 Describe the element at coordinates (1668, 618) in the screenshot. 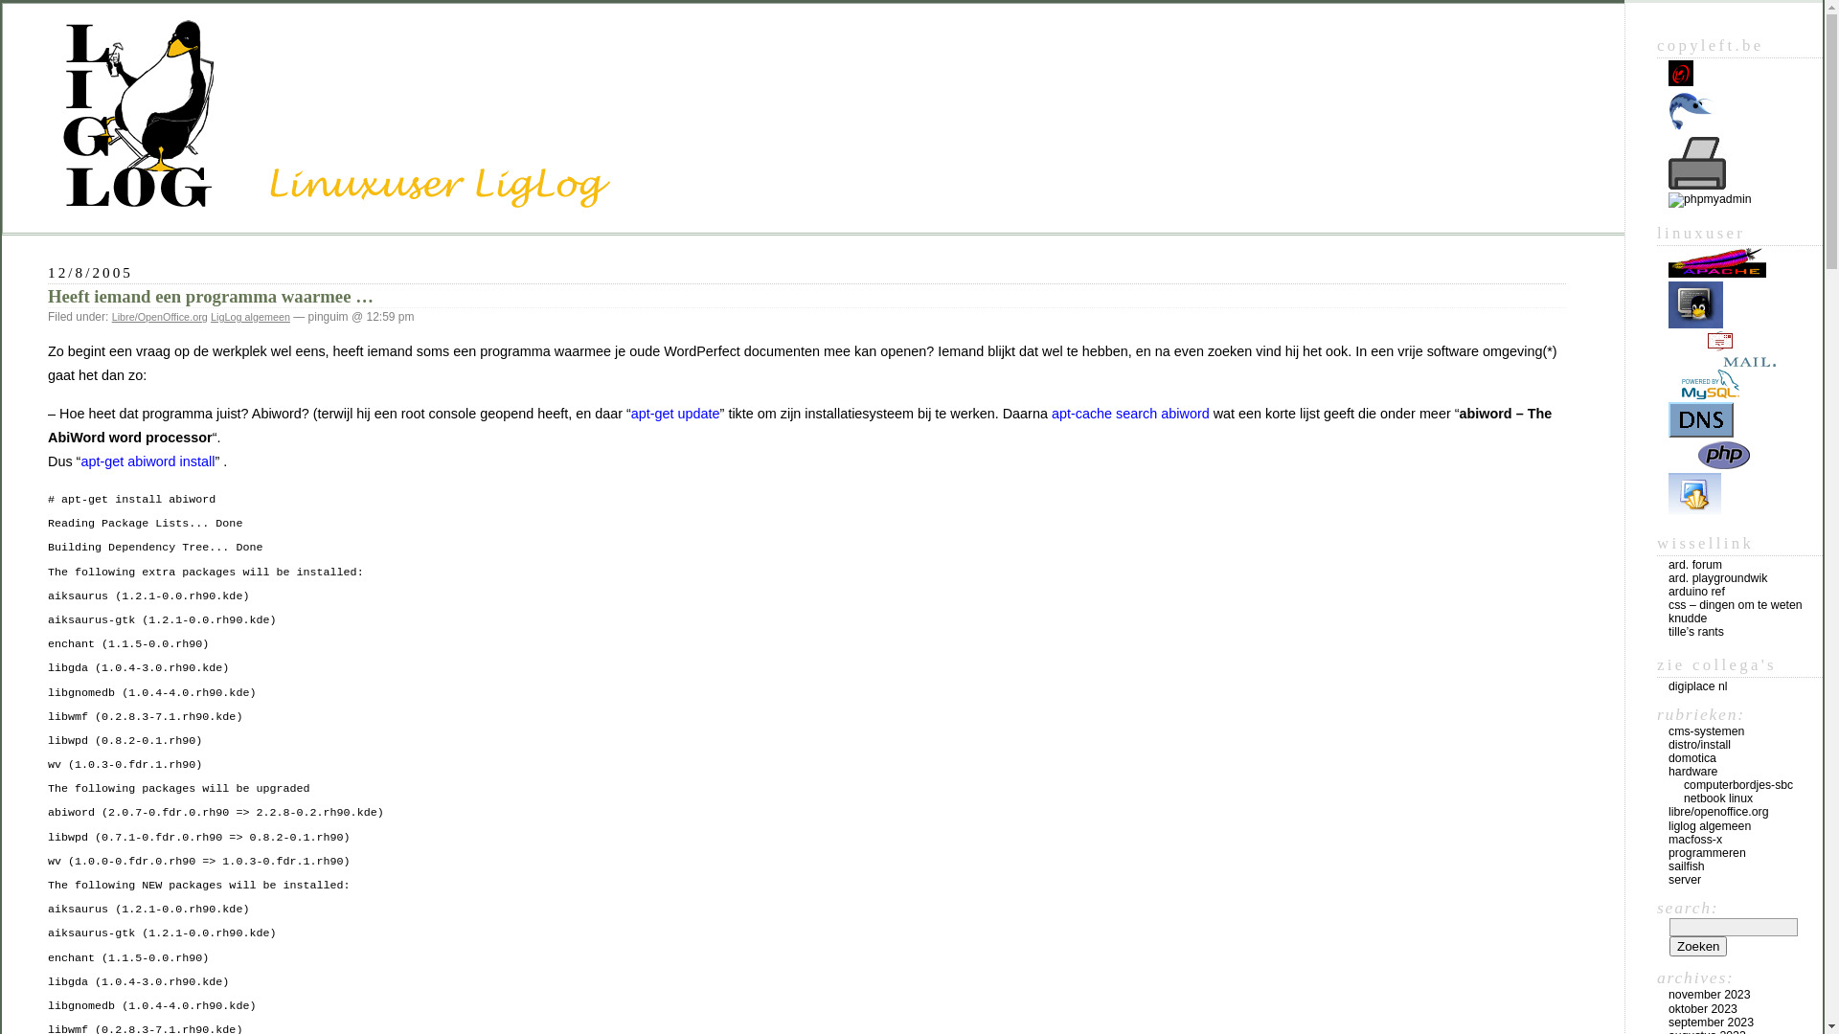

I see `'knudde'` at that location.